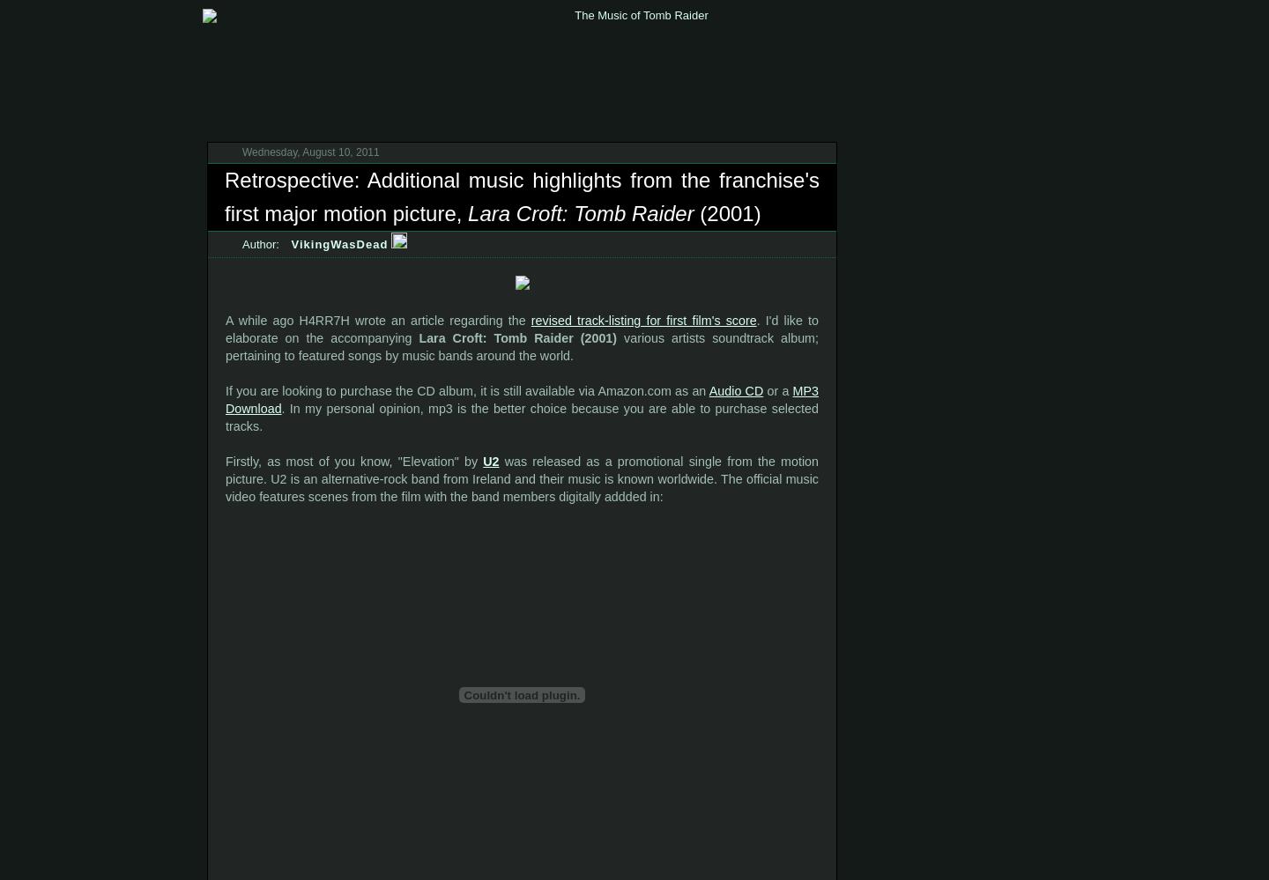  Describe the element at coordinates (466, 389) in the screenshot. I see `'If you are looking to purchase the CD album, it is still available via Amazon.com as an'` at that location.